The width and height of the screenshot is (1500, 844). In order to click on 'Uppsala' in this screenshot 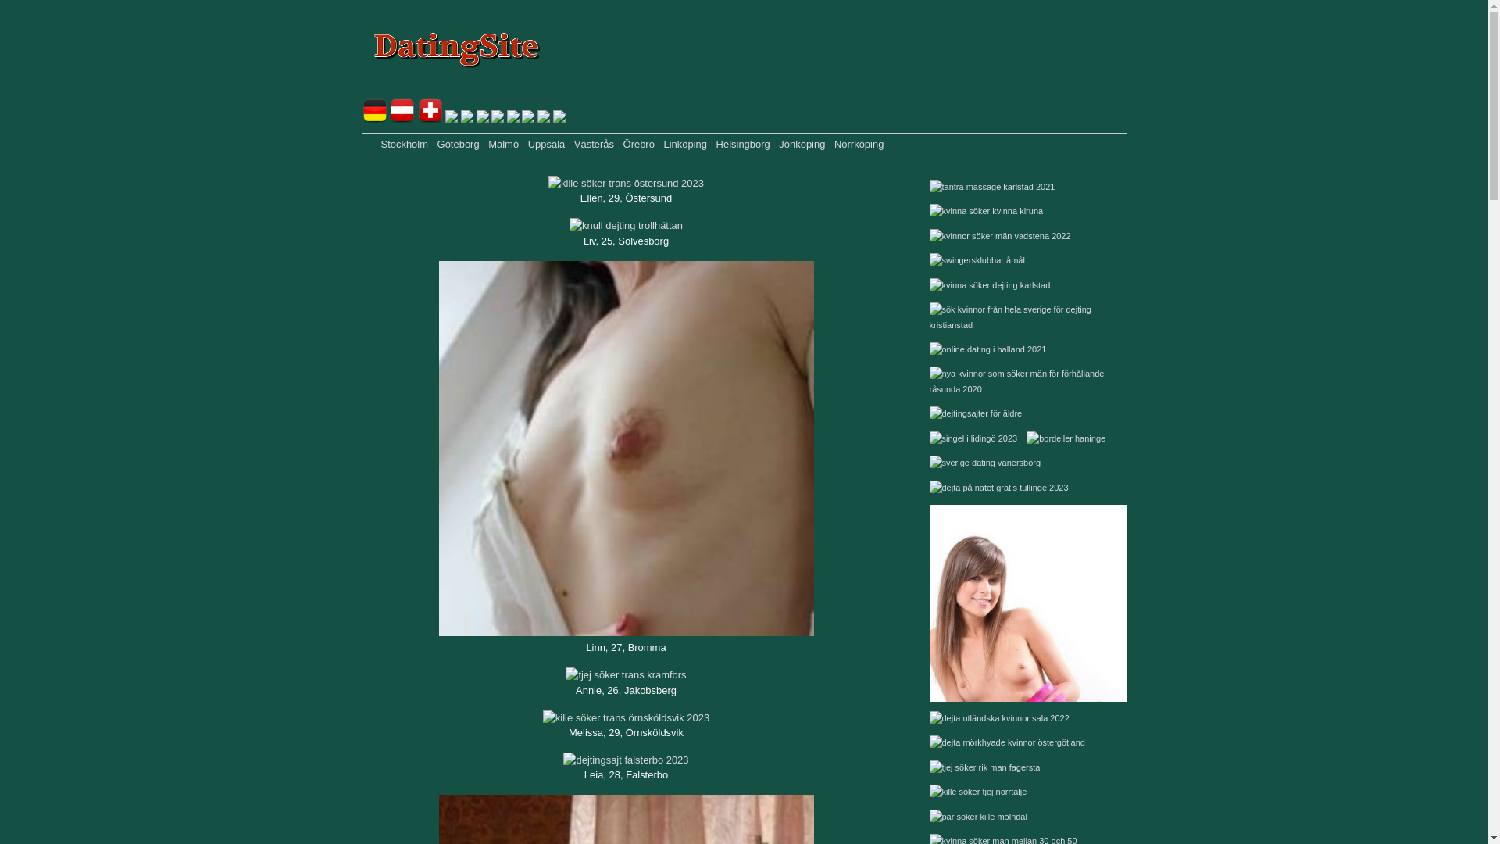, I will do `click(547, 144)`.